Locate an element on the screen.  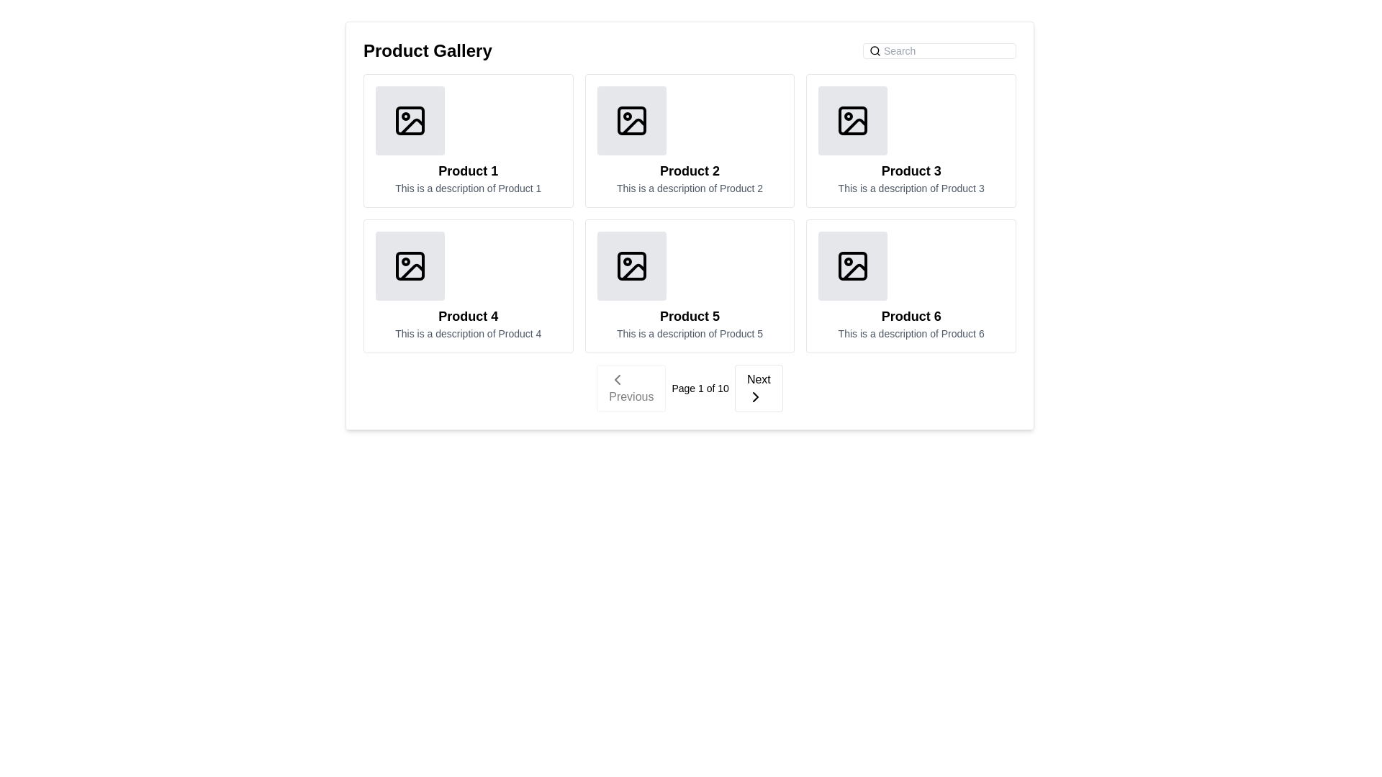
the navigation button that allows the user to navigate to the previous page in a paginated view, located at the bottom left of the interface, immediately to the left of the 'Page 1 of 10' text is located at coordinates (631, 388).